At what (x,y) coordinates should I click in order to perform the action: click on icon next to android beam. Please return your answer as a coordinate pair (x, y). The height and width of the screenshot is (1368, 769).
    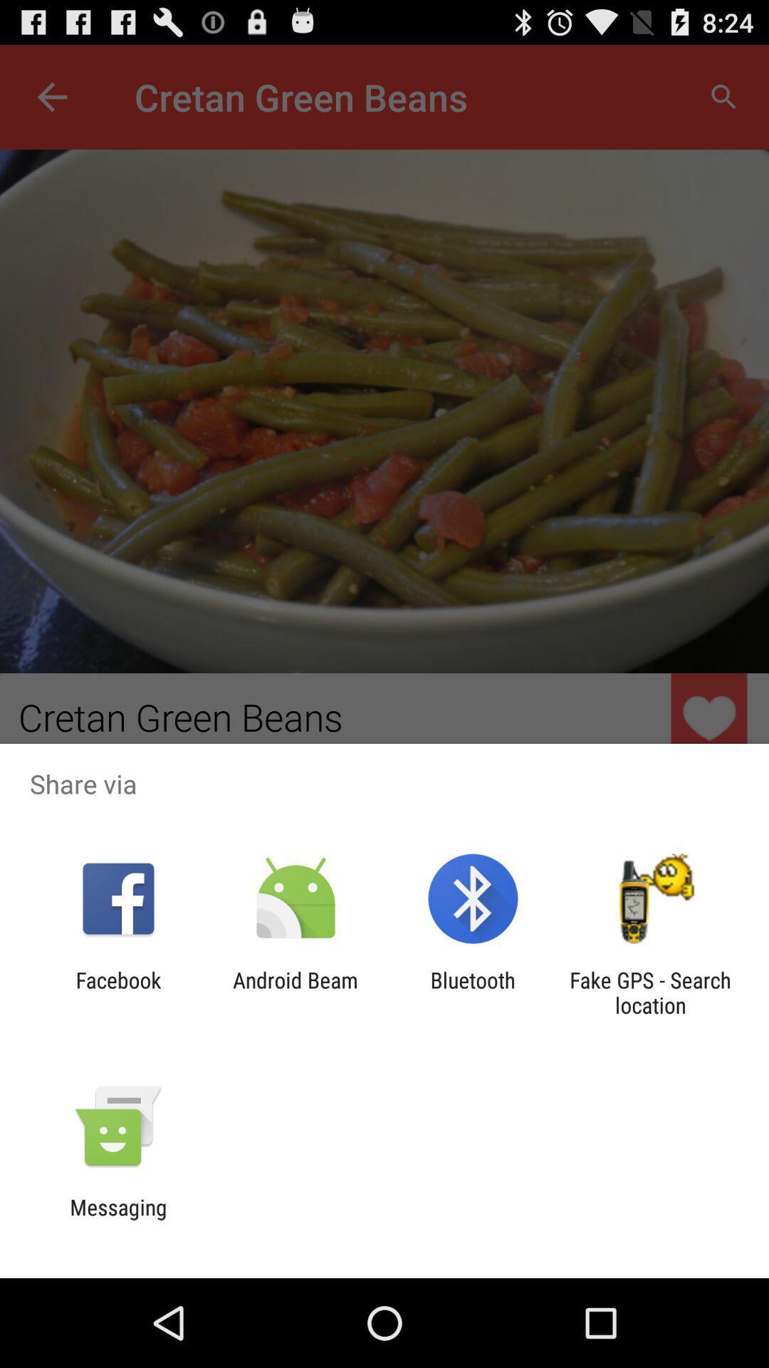
    Looking at the image, I should click on (473, 992).